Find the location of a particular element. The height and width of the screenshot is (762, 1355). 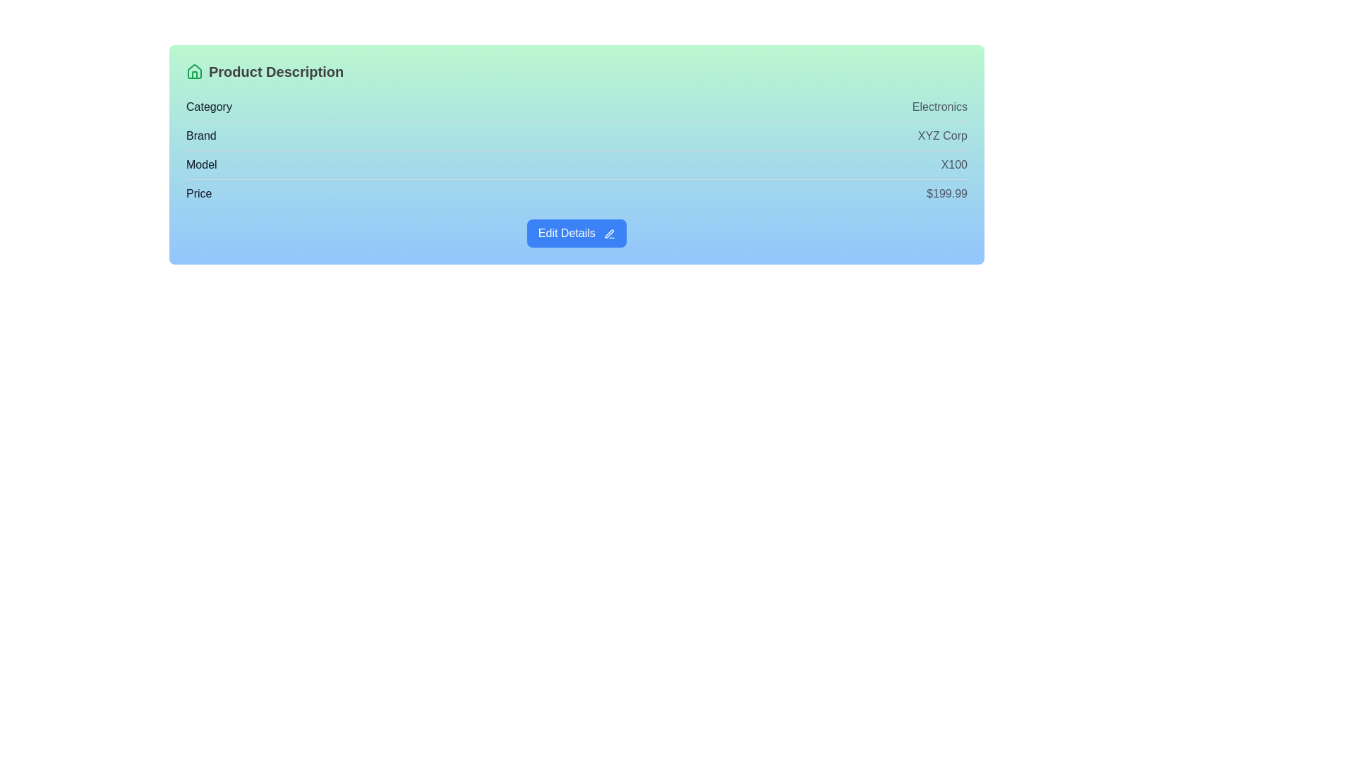

the static text label indicating the nature of the corresponding value '$199.99', located in the lower-left area of the blue section containing the product details is located at coordinates (198, 193).